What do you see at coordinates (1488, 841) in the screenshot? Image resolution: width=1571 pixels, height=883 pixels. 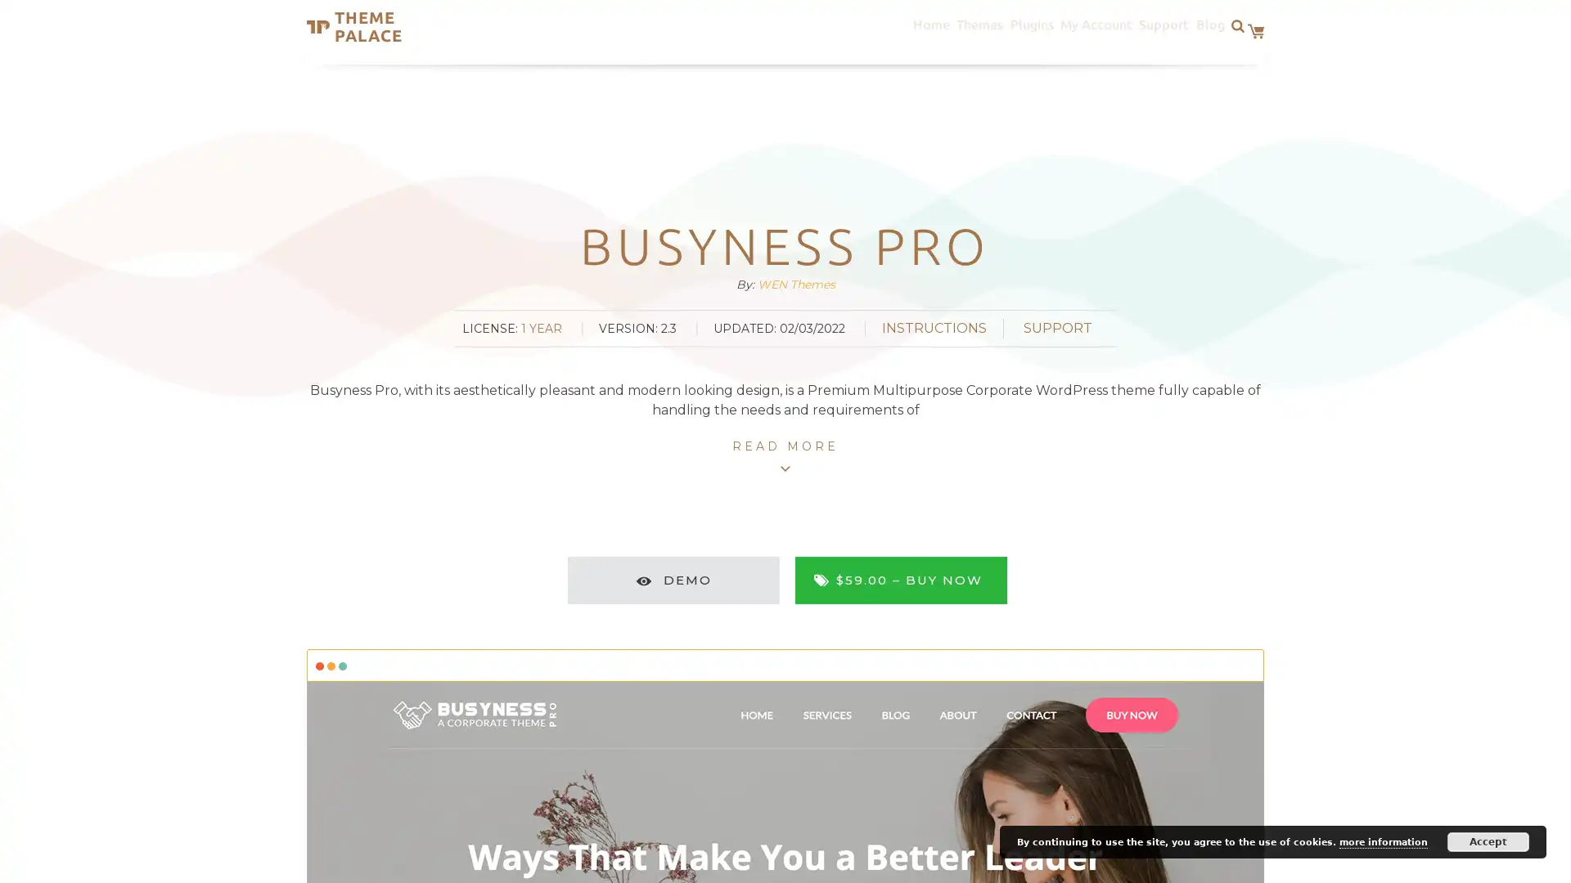 I see `Accept` at bounding box center [1488, 841].